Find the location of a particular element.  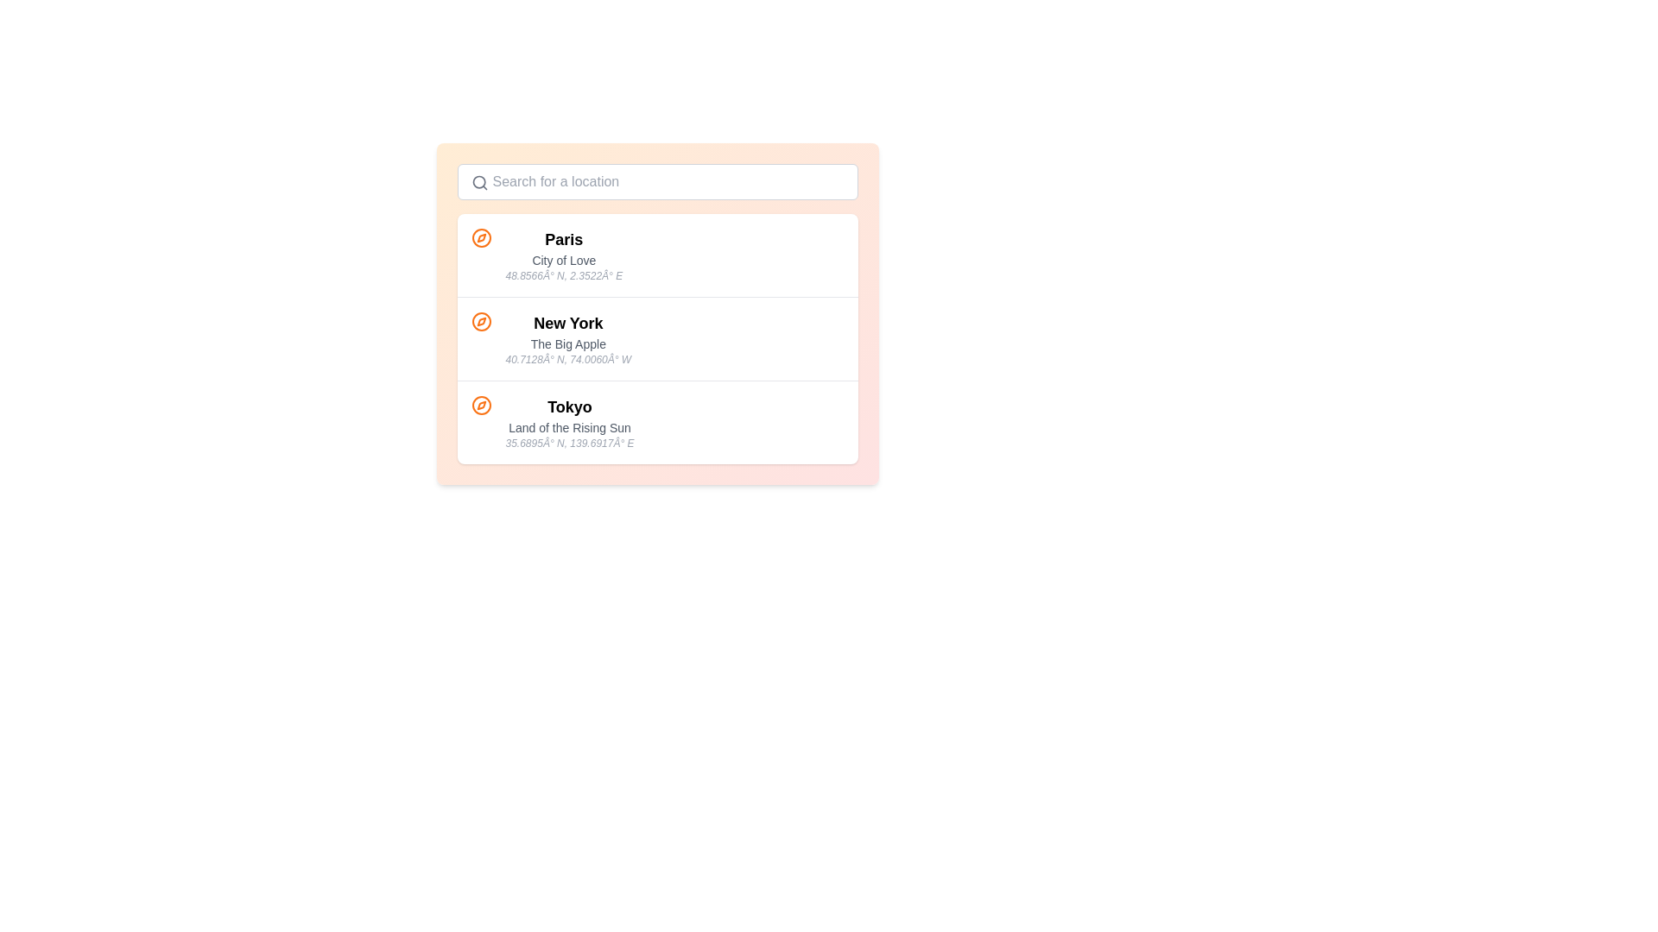

the Informational card displaying city-related information such as 'New York' and its nickname 'The Big Apple', which is the second item in a vertical list of cards is located at coordinates (656, 313).